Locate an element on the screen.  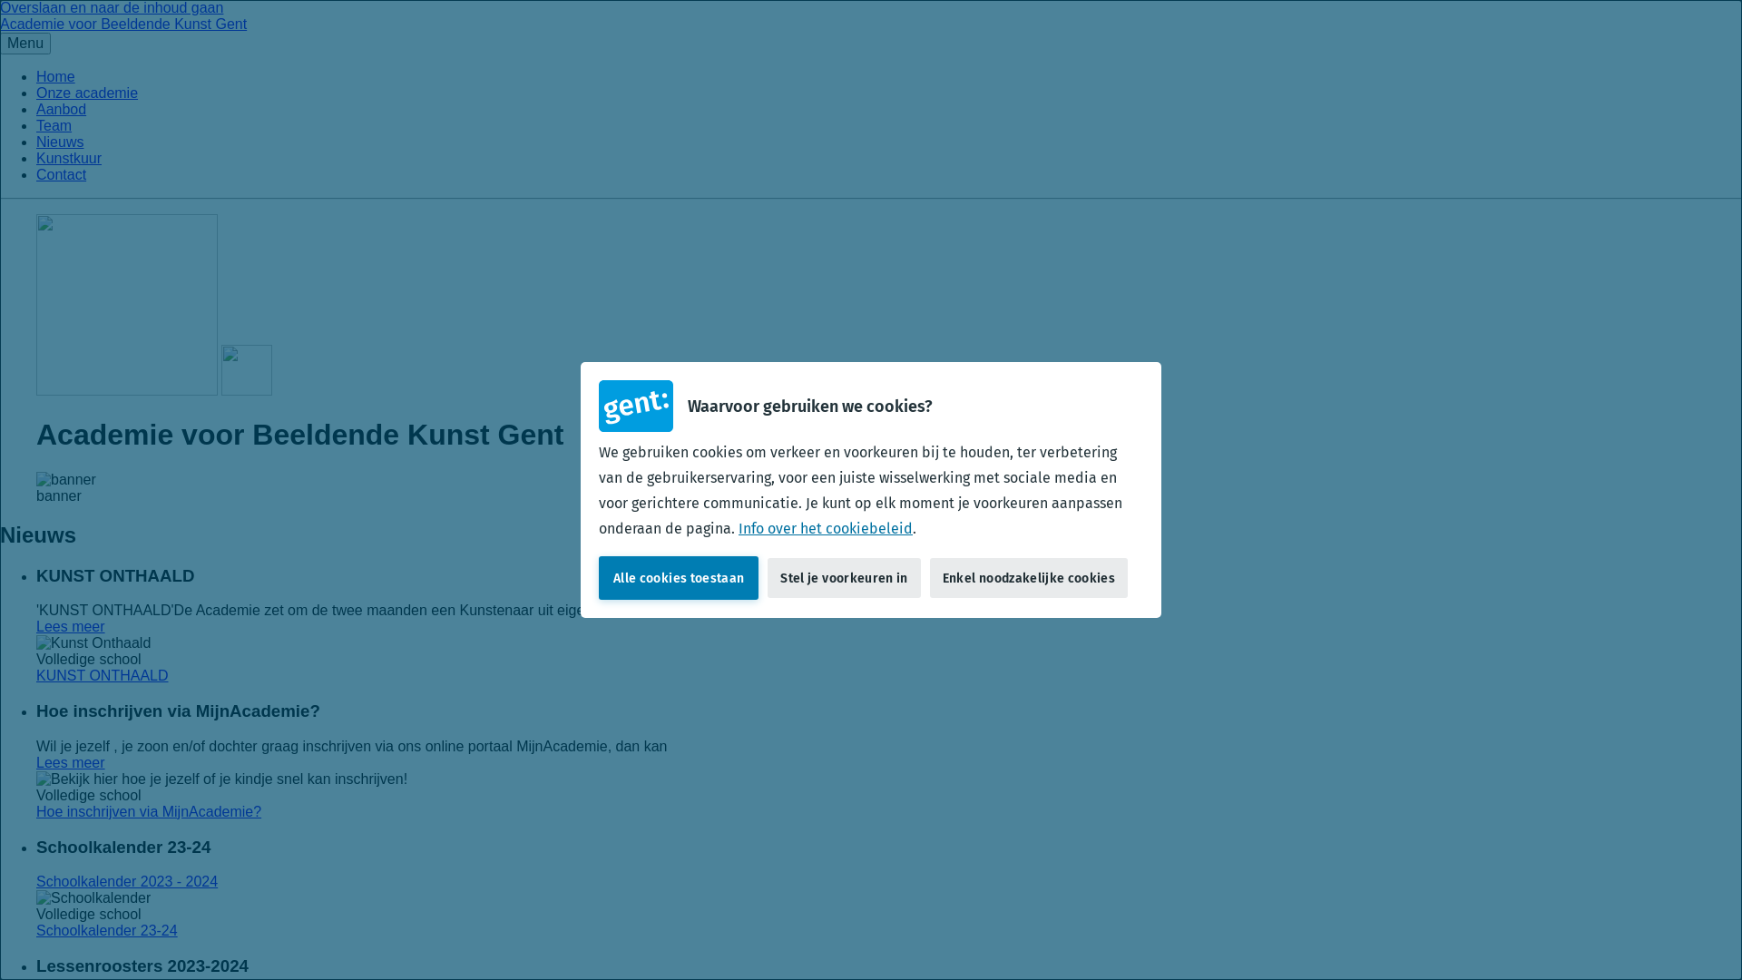
'Overslaan en naar de inhoud gaan' is located at coordinates (111, 7).